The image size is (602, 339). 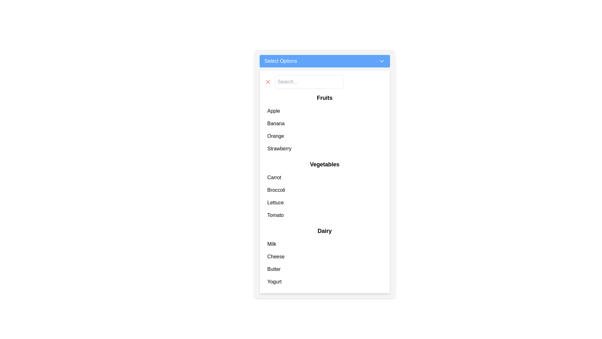 What do you see at coordinates (274, 269) in the screenshot?
I see `the black-colored text label displaying the word 'Butter', which is the third item in the 'Dairy' category dropdown menu` at bounding box center [274, 269].